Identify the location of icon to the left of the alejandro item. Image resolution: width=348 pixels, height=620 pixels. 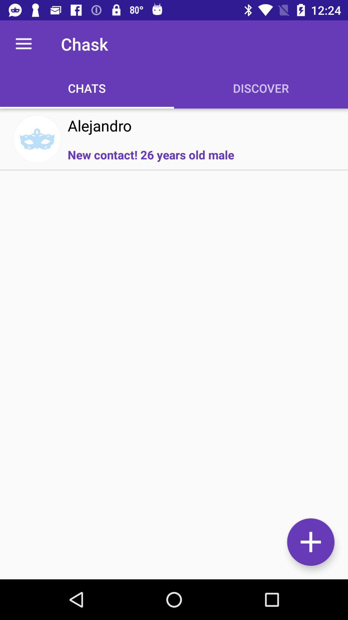
(37, 139).